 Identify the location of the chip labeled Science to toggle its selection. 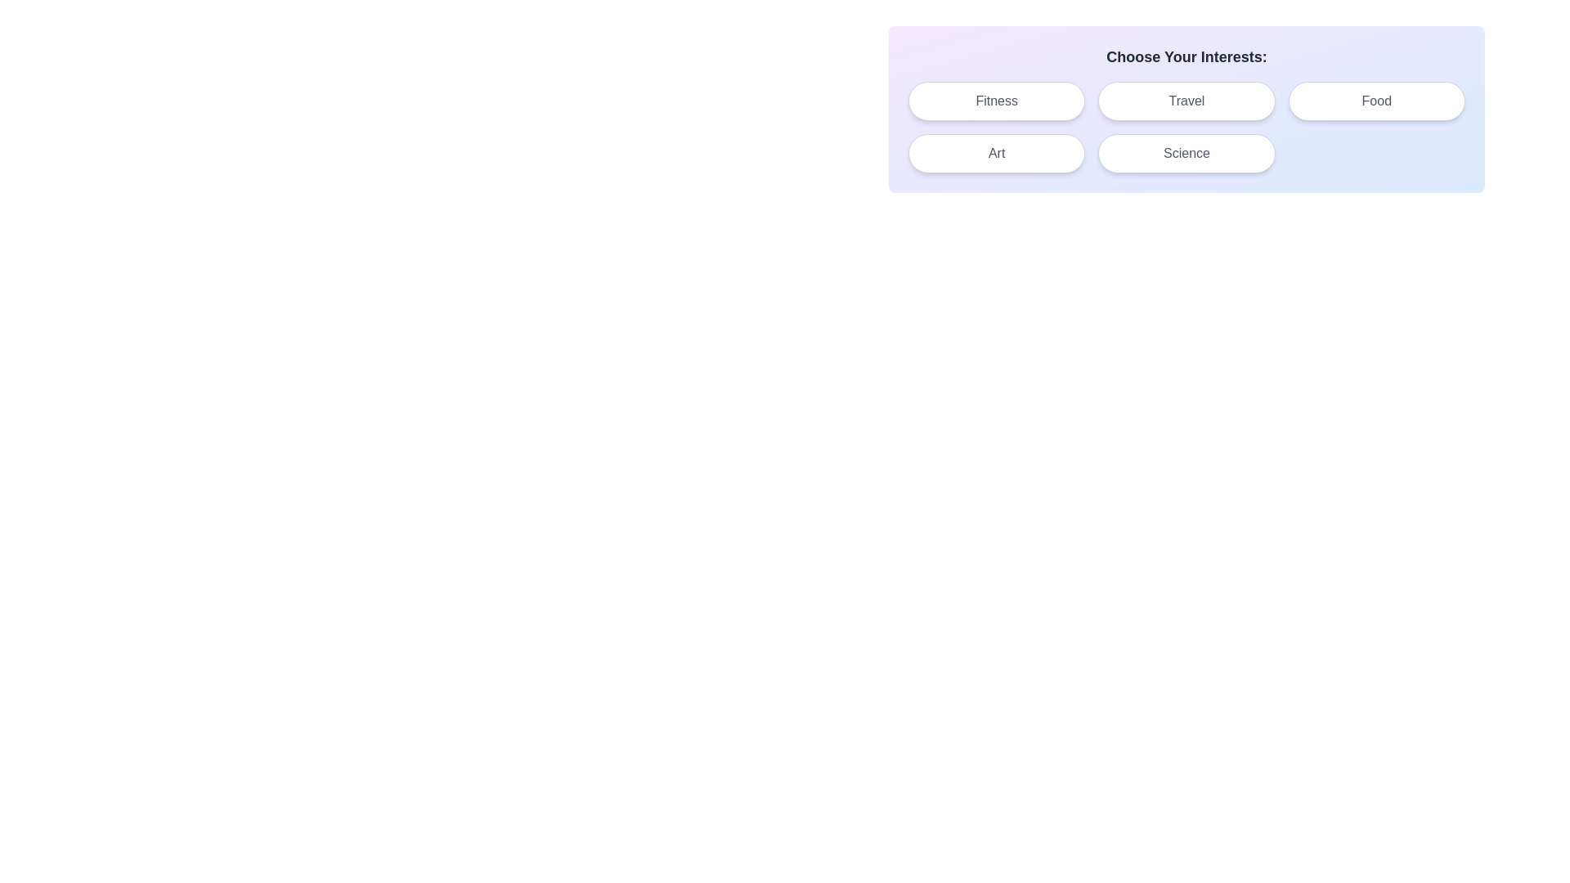
(1186, 154).